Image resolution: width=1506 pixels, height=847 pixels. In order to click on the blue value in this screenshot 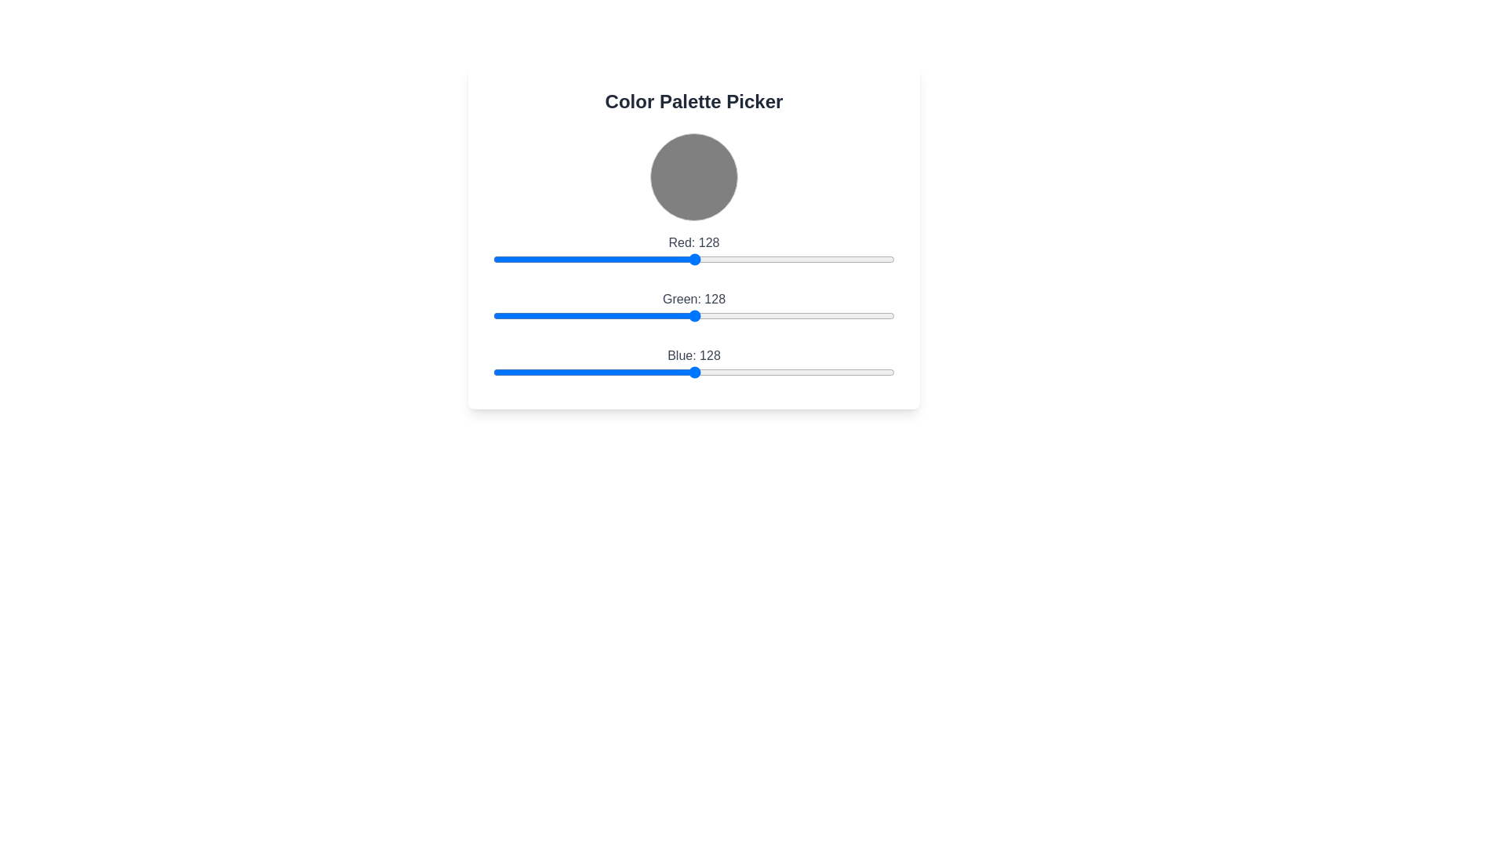, I will do `click(692, 372)`.